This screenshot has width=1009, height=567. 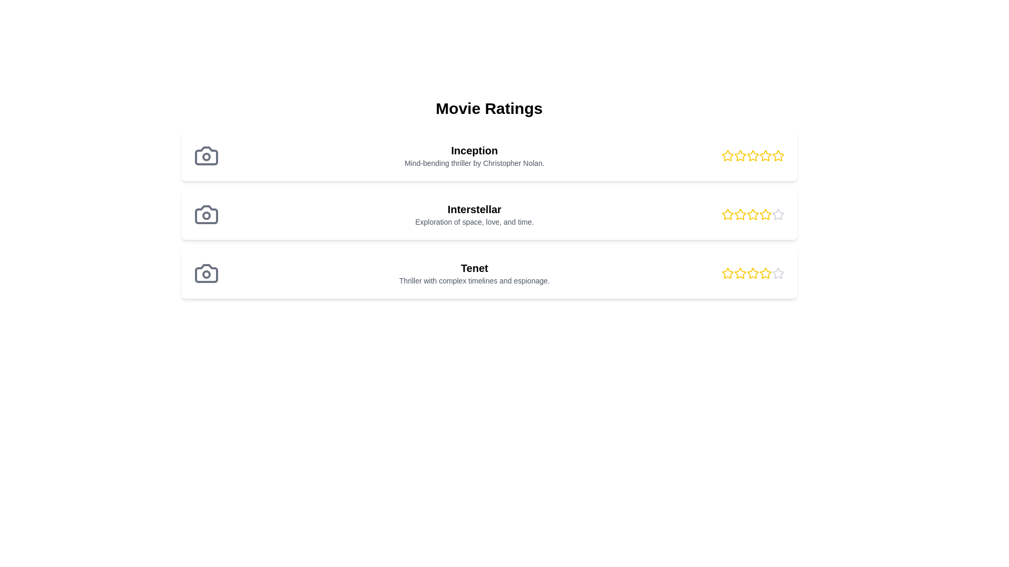 What do you see at coordinates (778, 156) in the screenshot?
I see `the fifth rating star icon to rate the movie 'Inception'` at bounding box center [778, 156].